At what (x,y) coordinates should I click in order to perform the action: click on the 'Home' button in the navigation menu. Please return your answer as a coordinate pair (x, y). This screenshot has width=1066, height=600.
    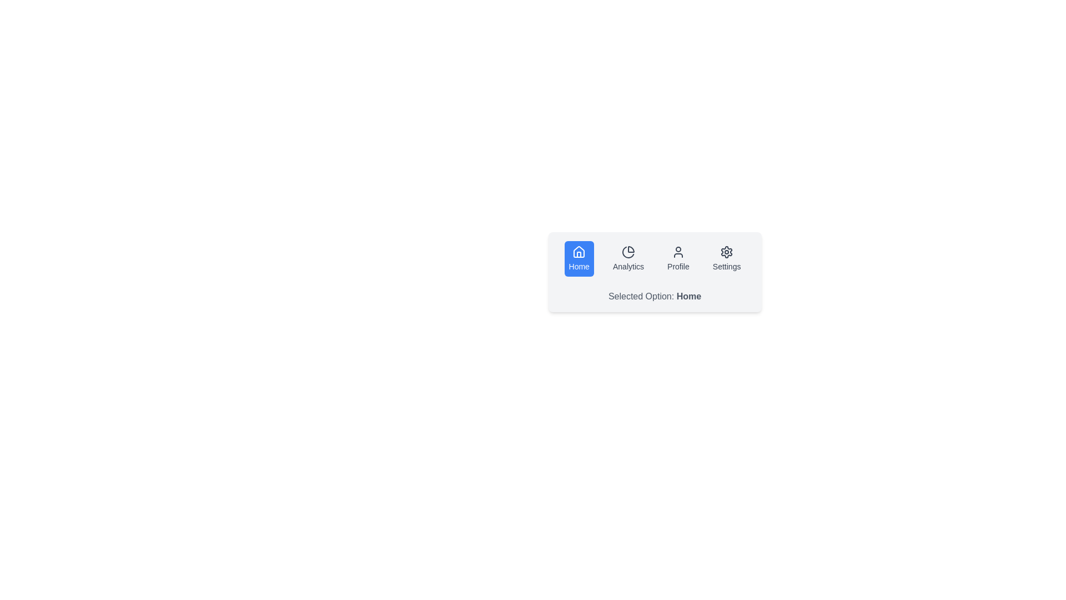
    Looking at the image, I should click on (579, 259).